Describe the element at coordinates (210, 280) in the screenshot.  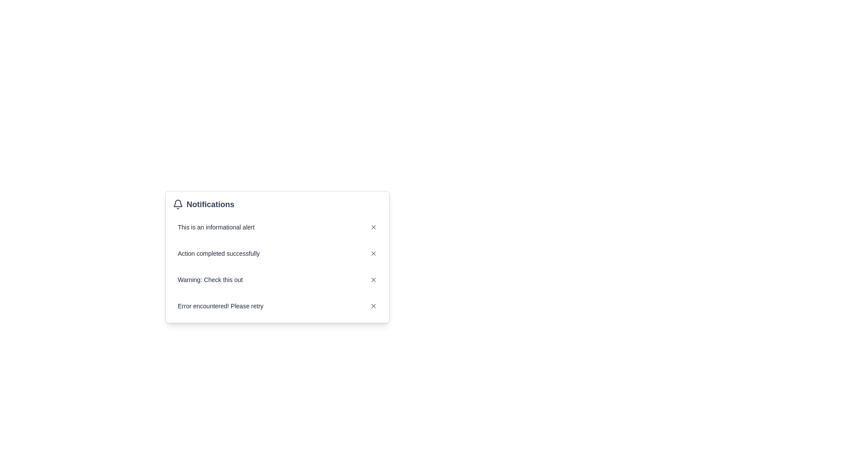
I see `the text label displaying 'Warning: Check this out', which is located in the third position of a list of notification items with a yellow background` at that location.